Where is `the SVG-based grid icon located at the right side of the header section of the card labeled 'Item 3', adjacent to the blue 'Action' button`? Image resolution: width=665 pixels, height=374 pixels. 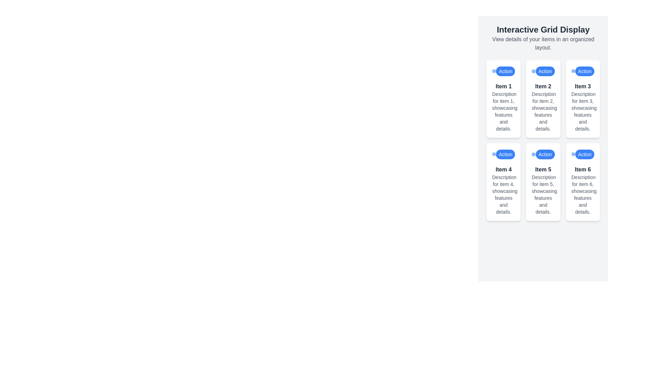 the SVG-based grid icon located at the right side of the header section of the card labeled 'Item 3', adjacent to the blue 'Action' button is located at coordinates (573, 71).